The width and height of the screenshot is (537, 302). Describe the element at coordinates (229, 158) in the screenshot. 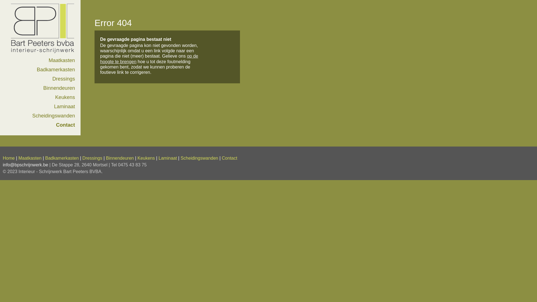

I see `'Contact'` at that location.